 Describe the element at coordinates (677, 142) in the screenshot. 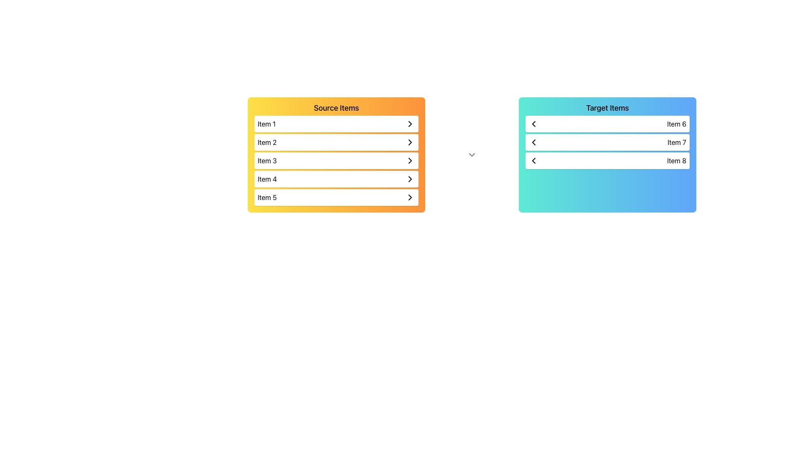

I see `the text label 'Item 7', which is the second item in the list of 'Target Items', located on the right-hand side of the main layout` at that location.